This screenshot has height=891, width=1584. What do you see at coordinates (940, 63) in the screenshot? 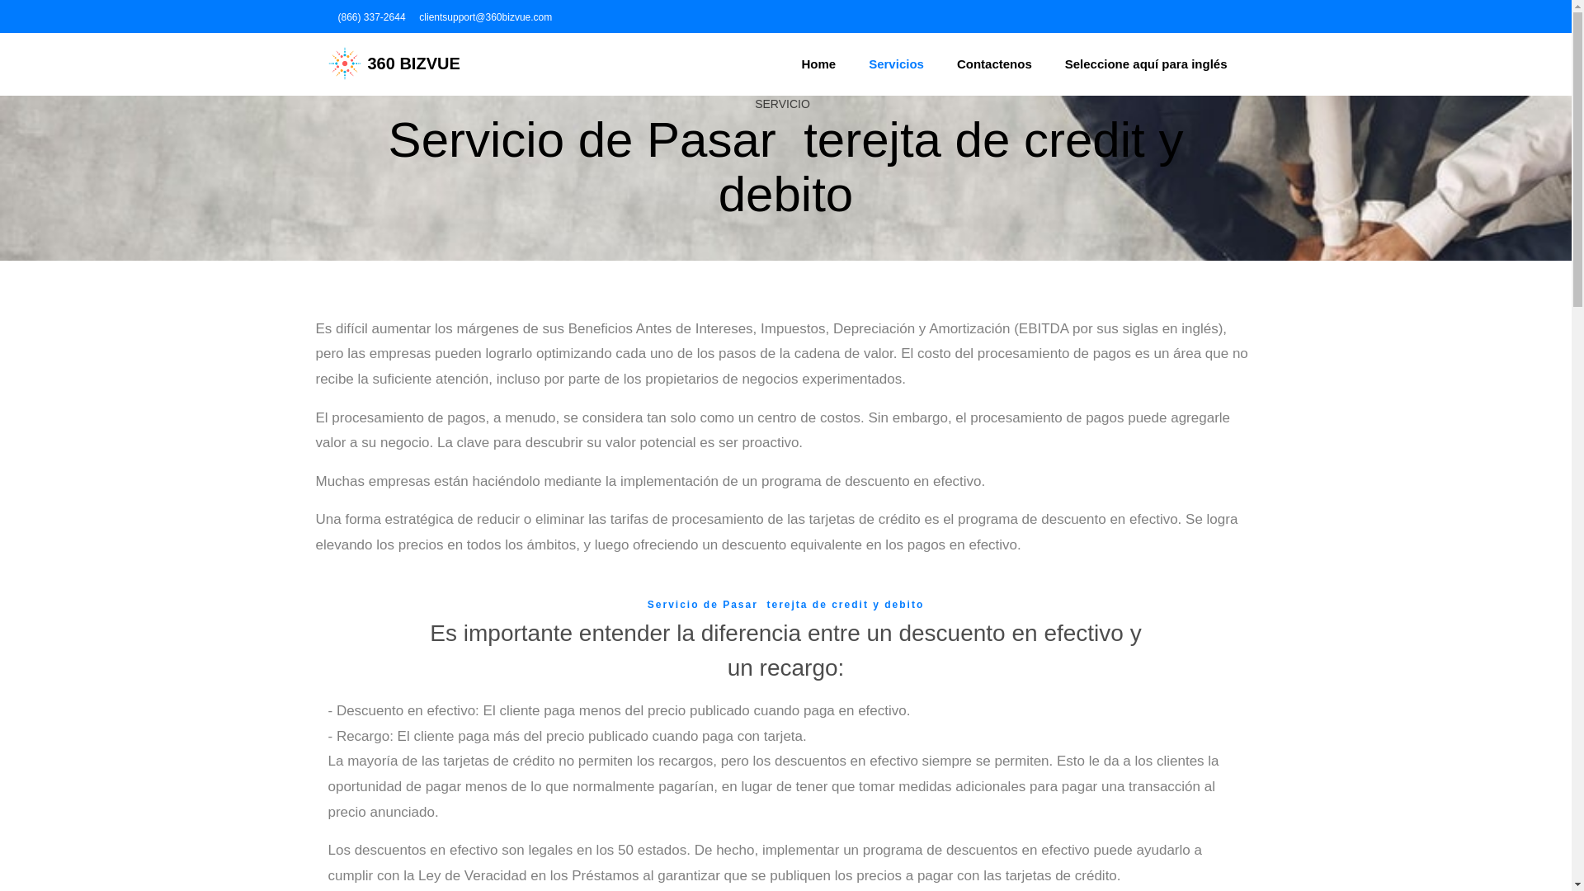
I see `'Contactenos'` at bounding box center [940, 63].